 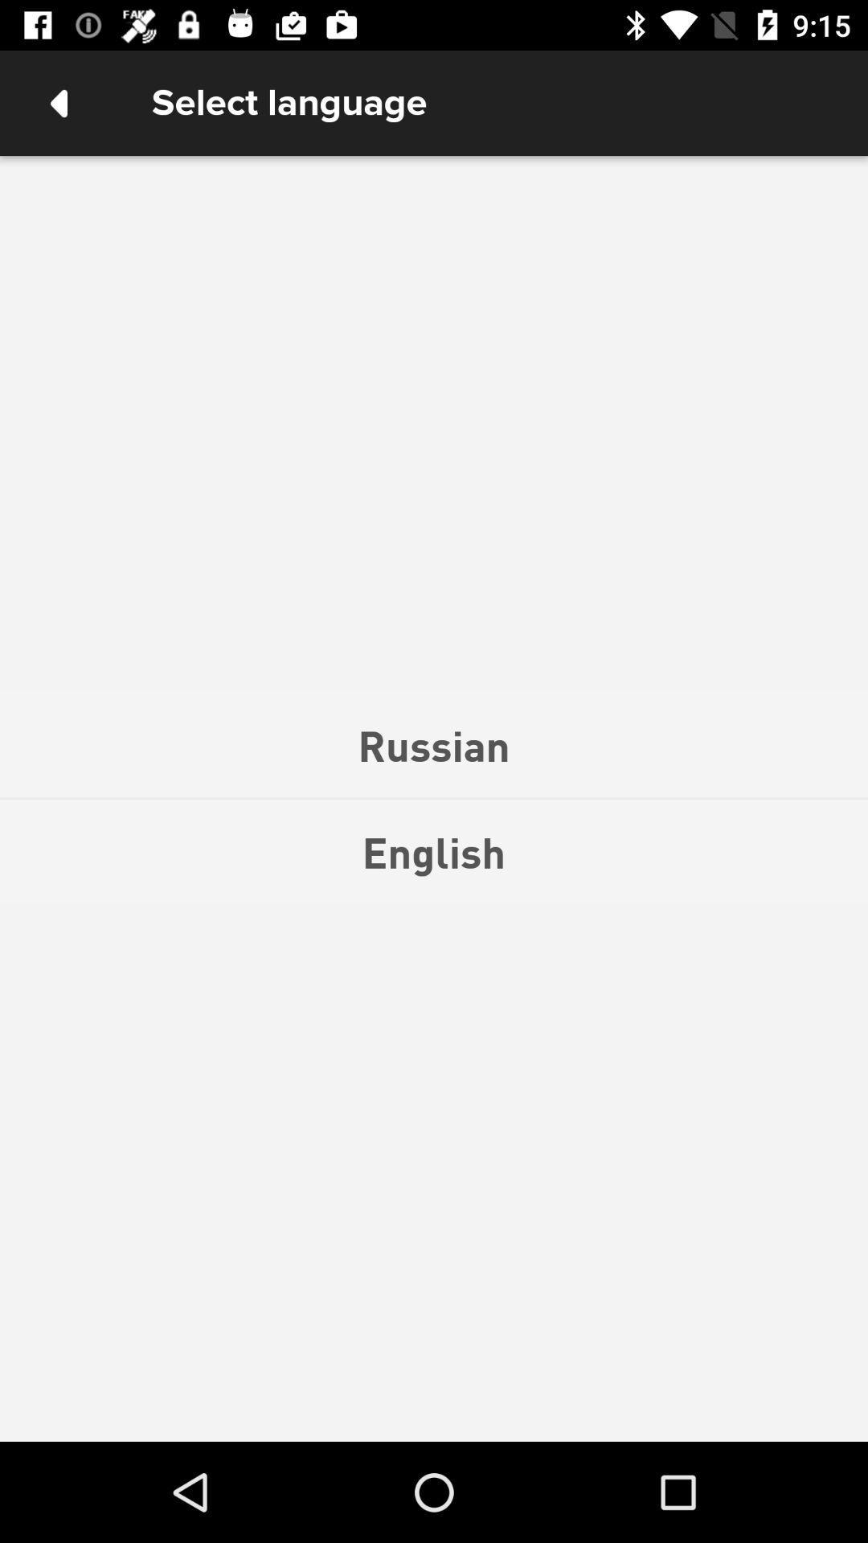 I want to click on item next to the select language item, so click(x=58, y=102).